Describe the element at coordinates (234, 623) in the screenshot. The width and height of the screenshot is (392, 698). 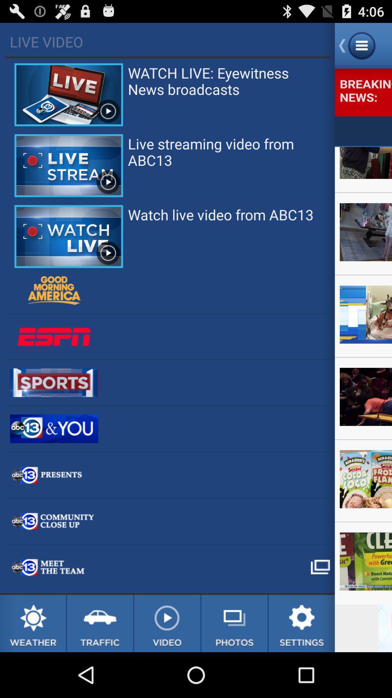
I see `photos` at that location.